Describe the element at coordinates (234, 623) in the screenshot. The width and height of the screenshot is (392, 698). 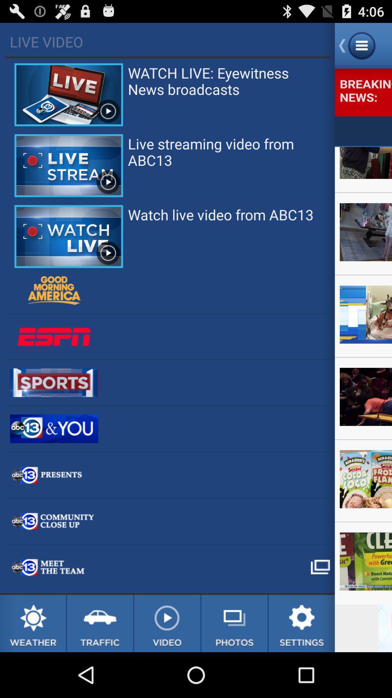
I see `photos` at that location.